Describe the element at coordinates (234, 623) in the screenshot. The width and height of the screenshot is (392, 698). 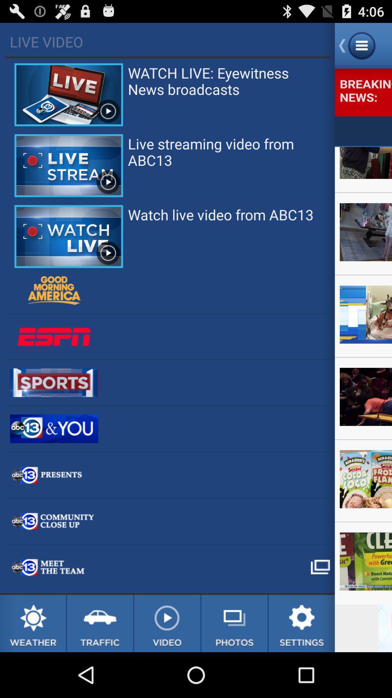
I see `photos` at that location.